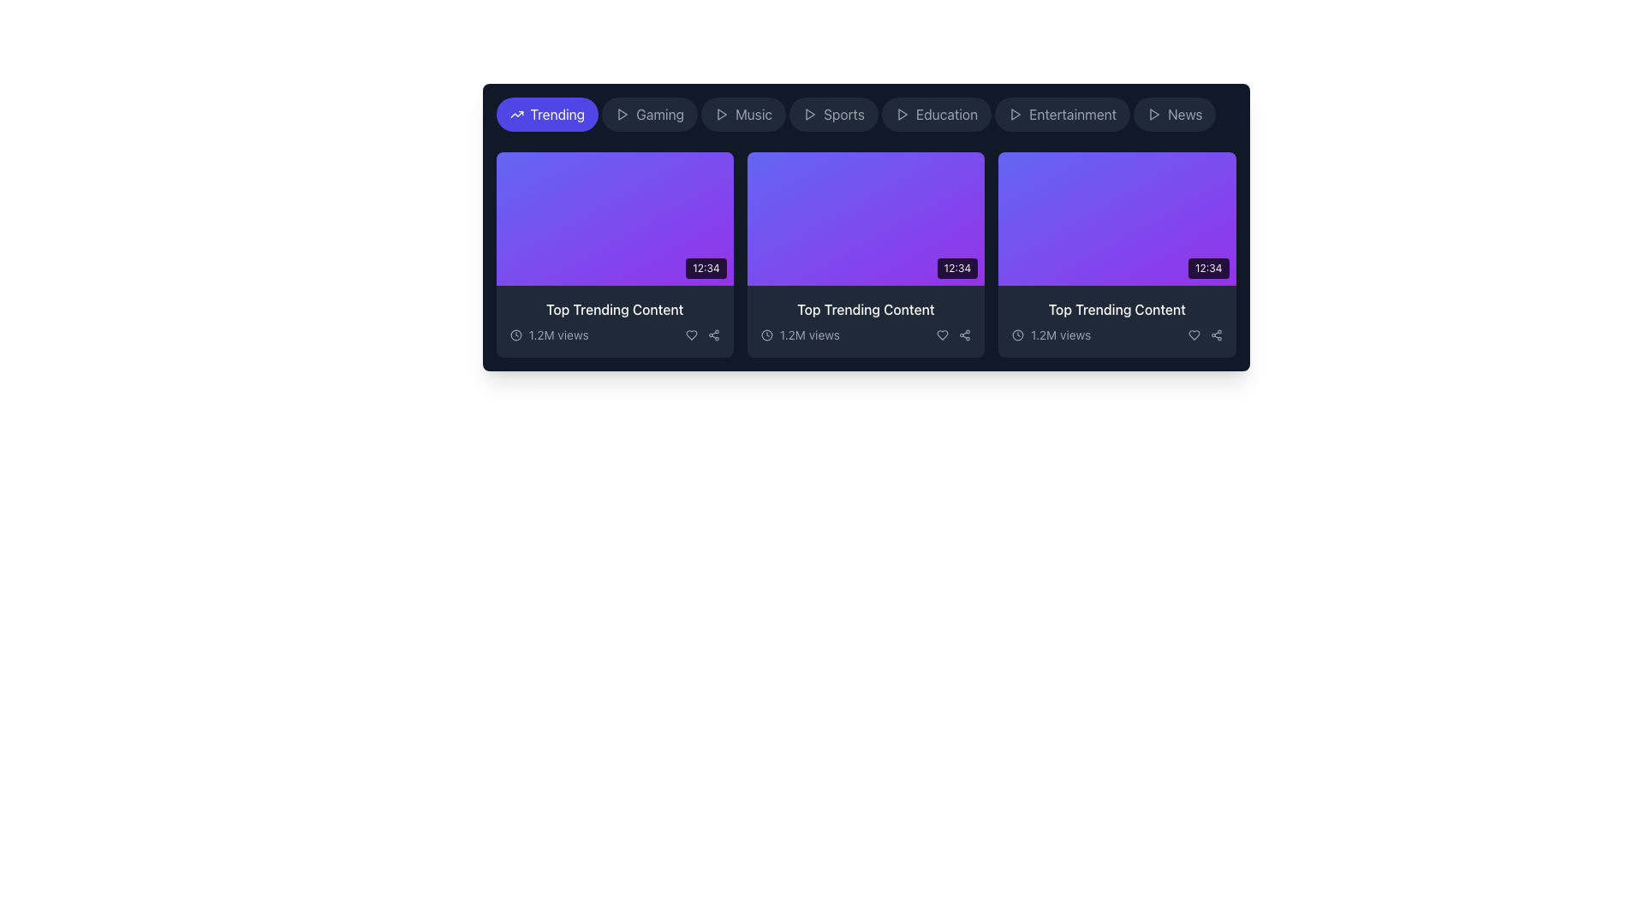 This screenshot has height=924, width=1644. I want to click on the triangular play button icon located in the category bar at the top of the interface, so click(1016, 115).